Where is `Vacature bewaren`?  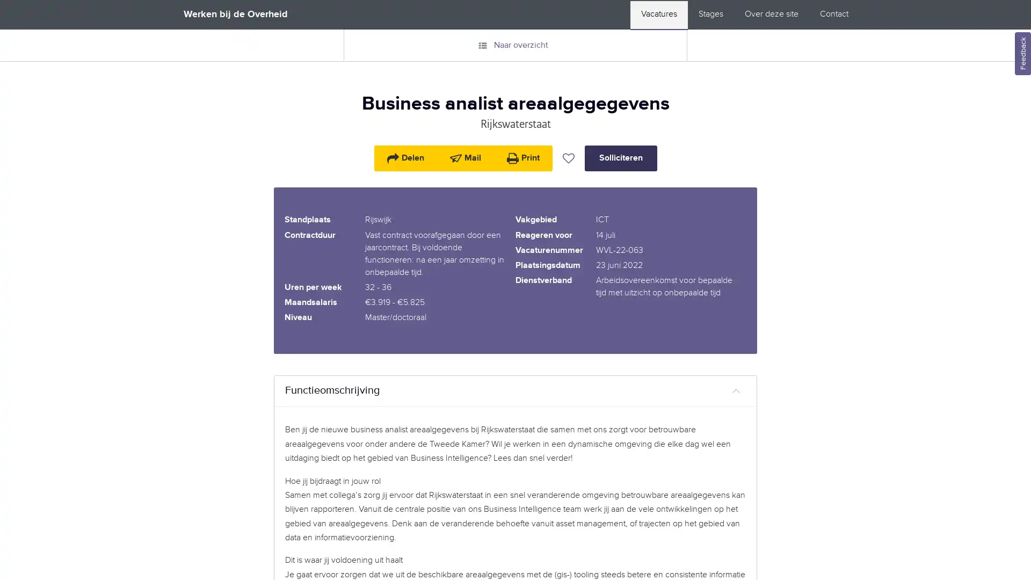 Vacature bewaren is located at coordinates (567, 158).